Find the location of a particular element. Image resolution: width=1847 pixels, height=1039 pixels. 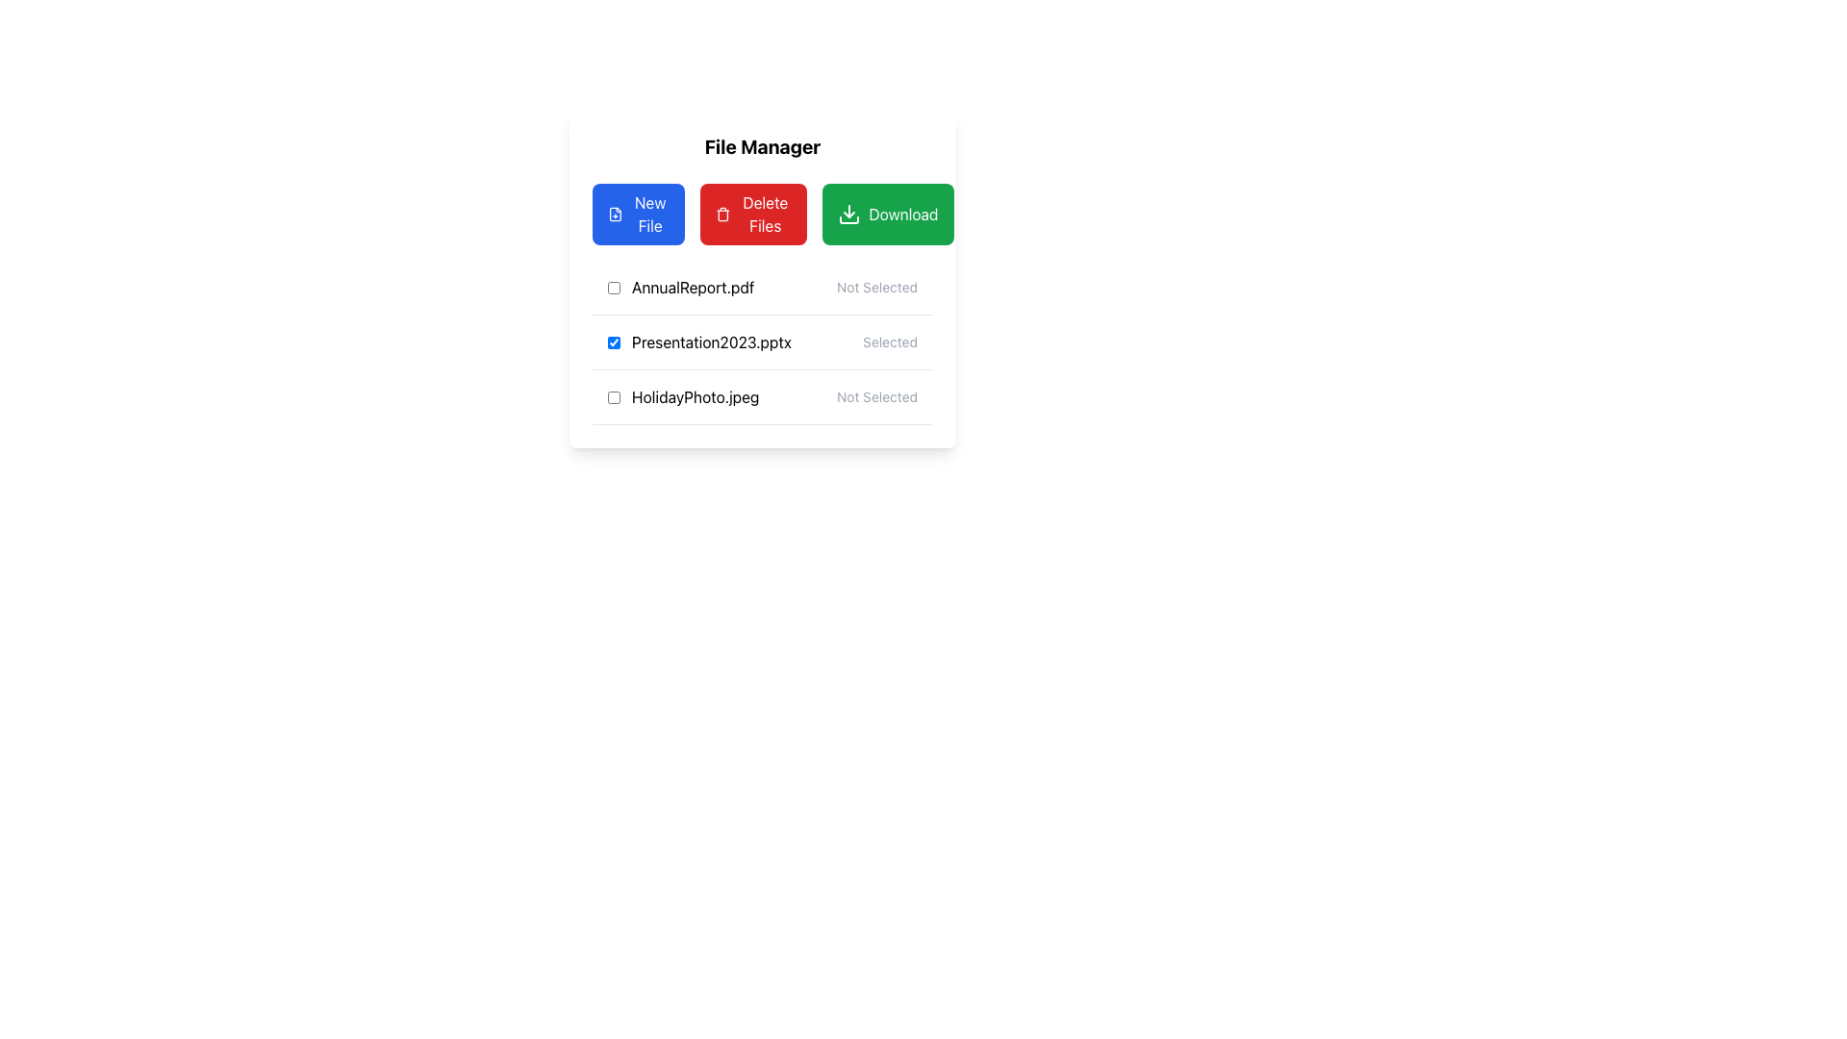

the text label styled as 'HolidayPhoto.jpeg', which is the third listed file in the File Manager section is located at coordinates (683, 395).